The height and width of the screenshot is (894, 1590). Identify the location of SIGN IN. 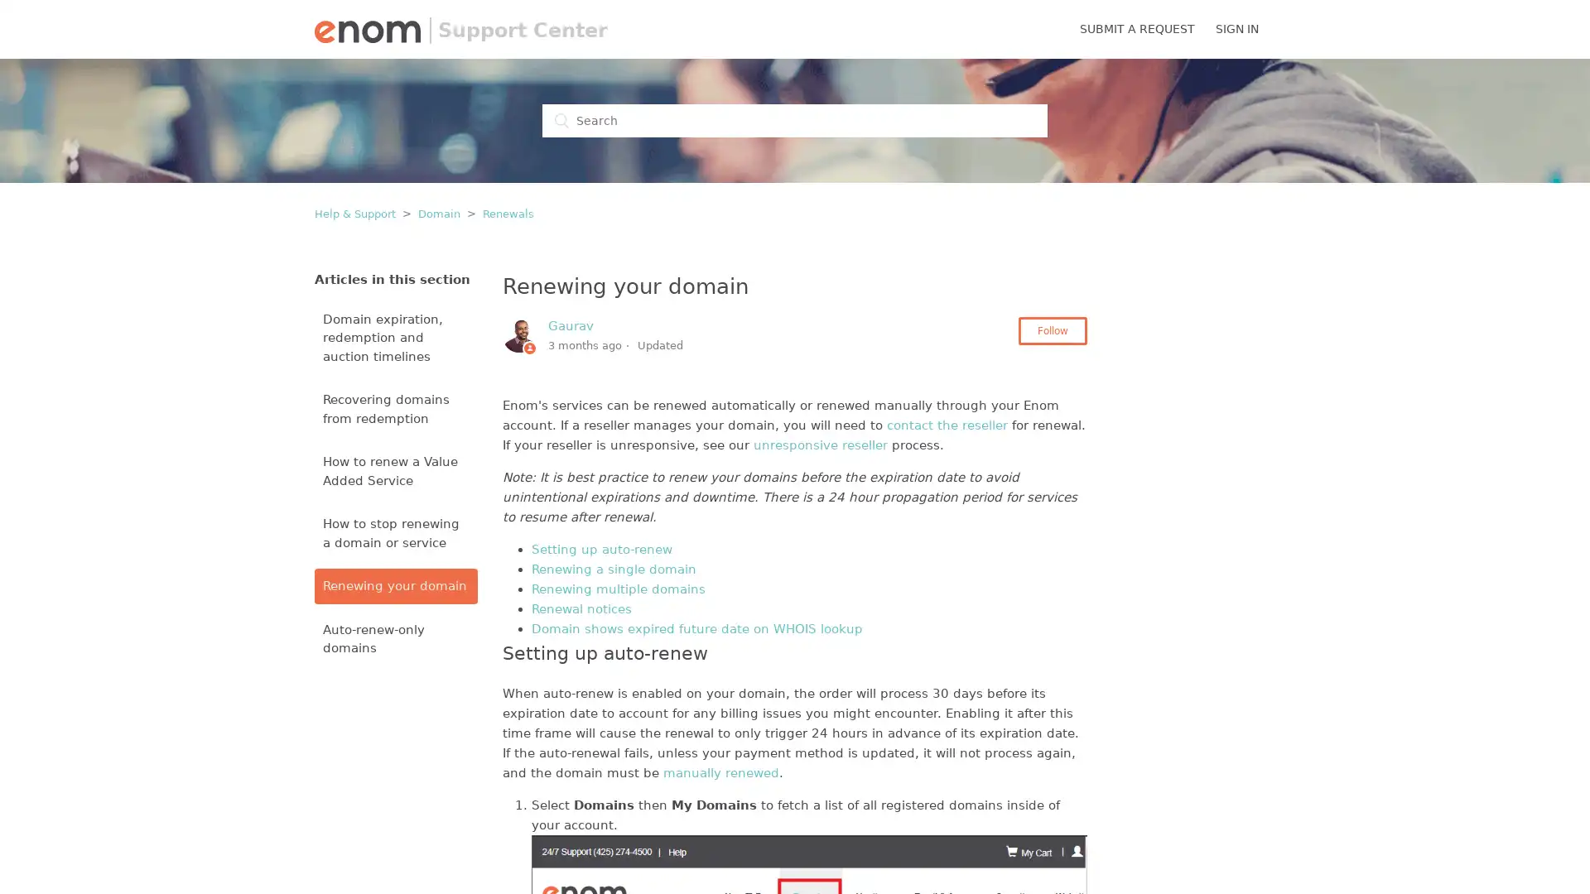
(1245, 28).